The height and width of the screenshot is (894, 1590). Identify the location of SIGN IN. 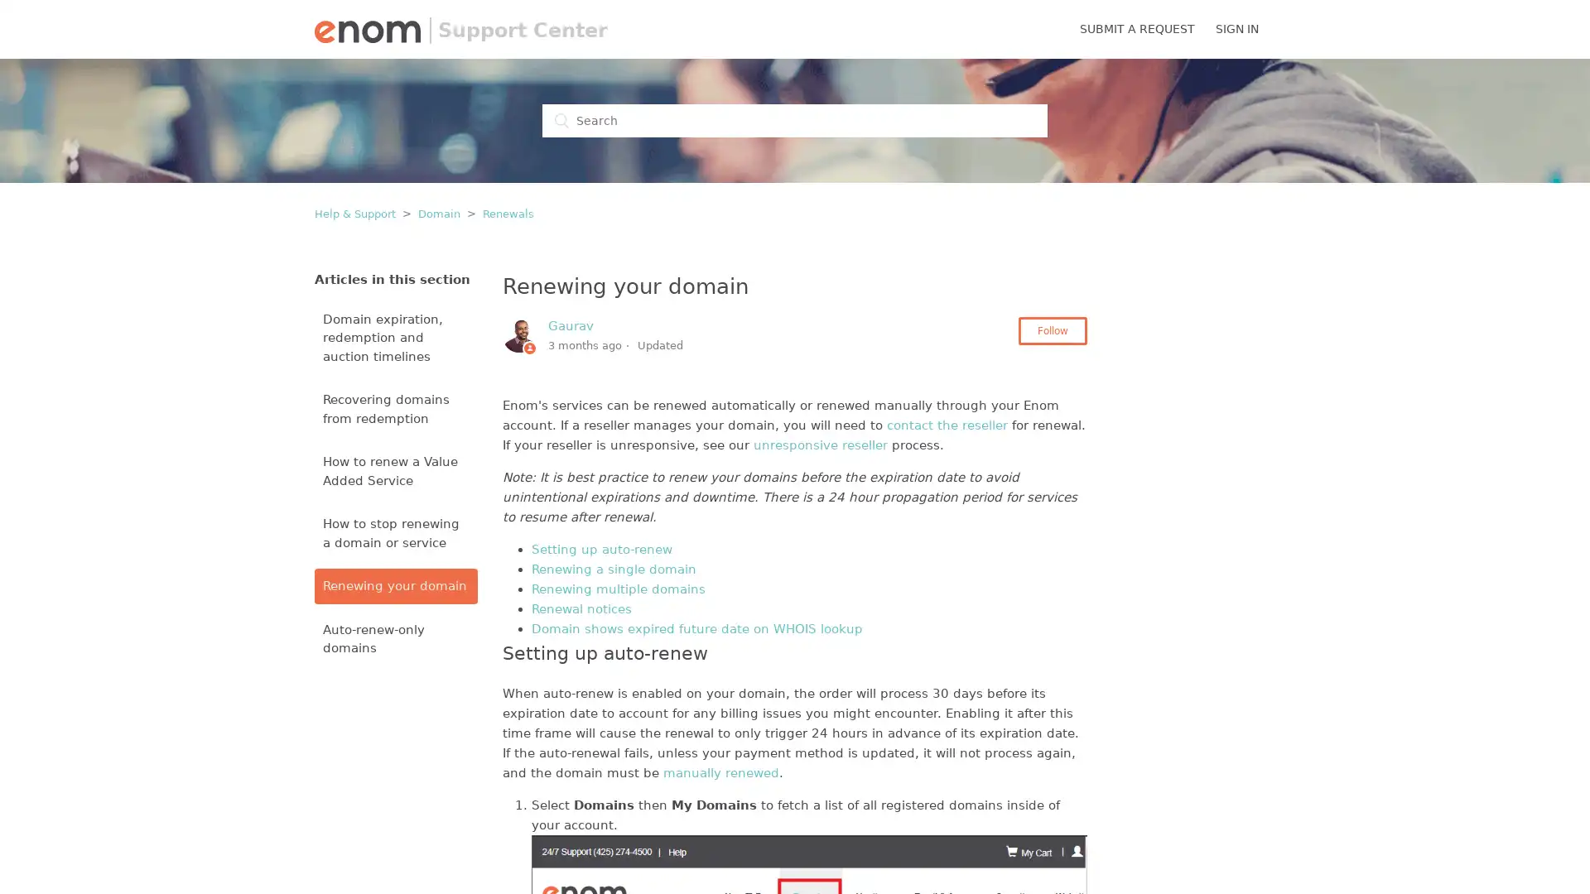
(1245, 28).